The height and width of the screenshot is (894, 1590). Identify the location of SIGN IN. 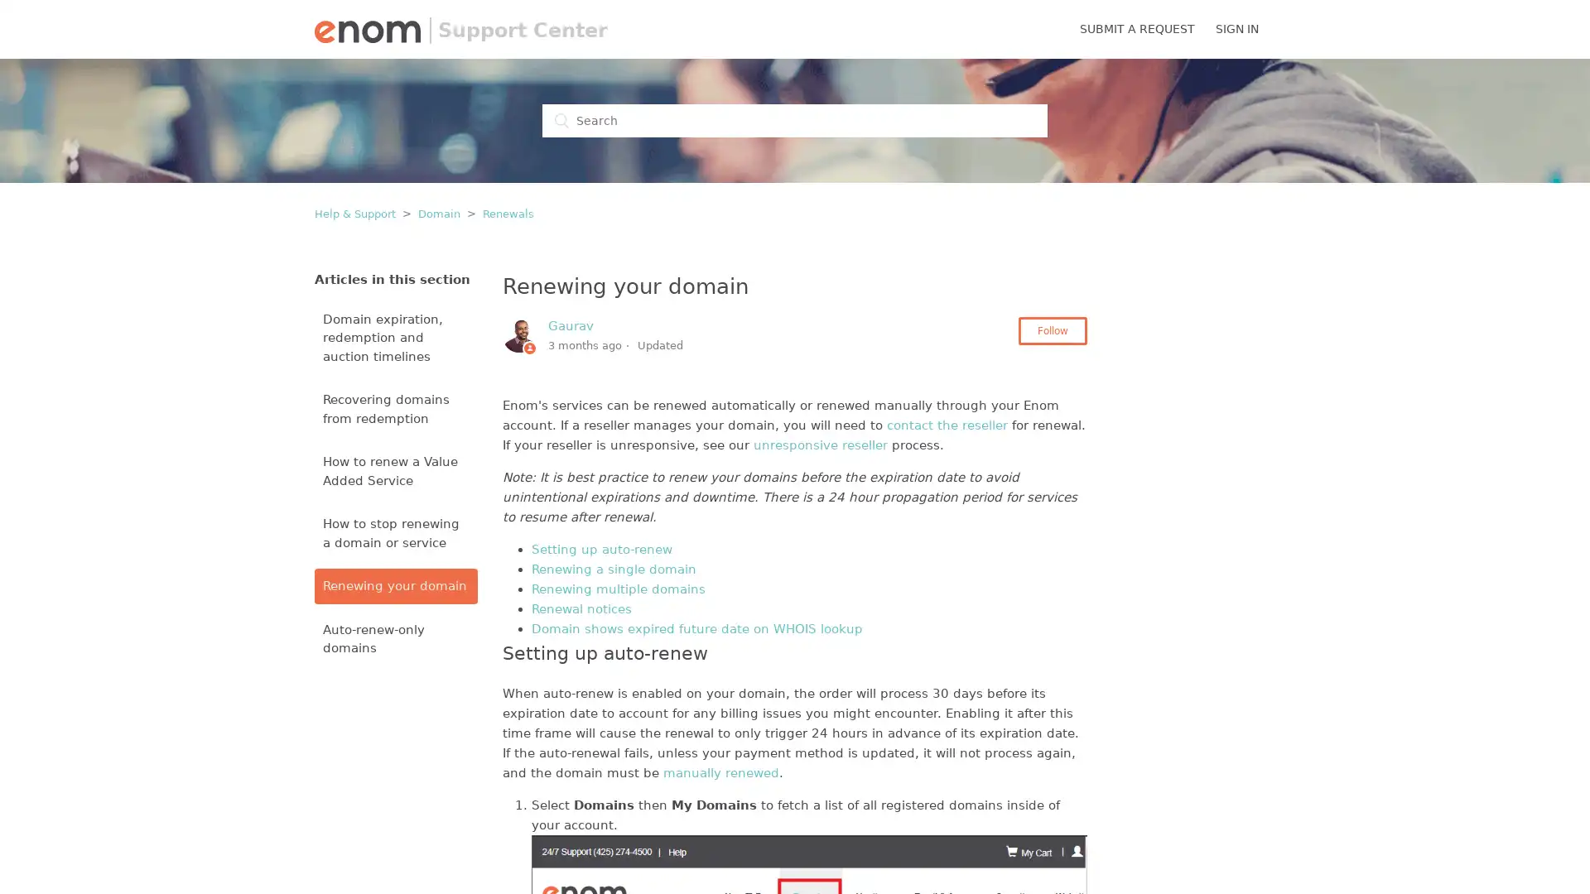
(1245, 28).